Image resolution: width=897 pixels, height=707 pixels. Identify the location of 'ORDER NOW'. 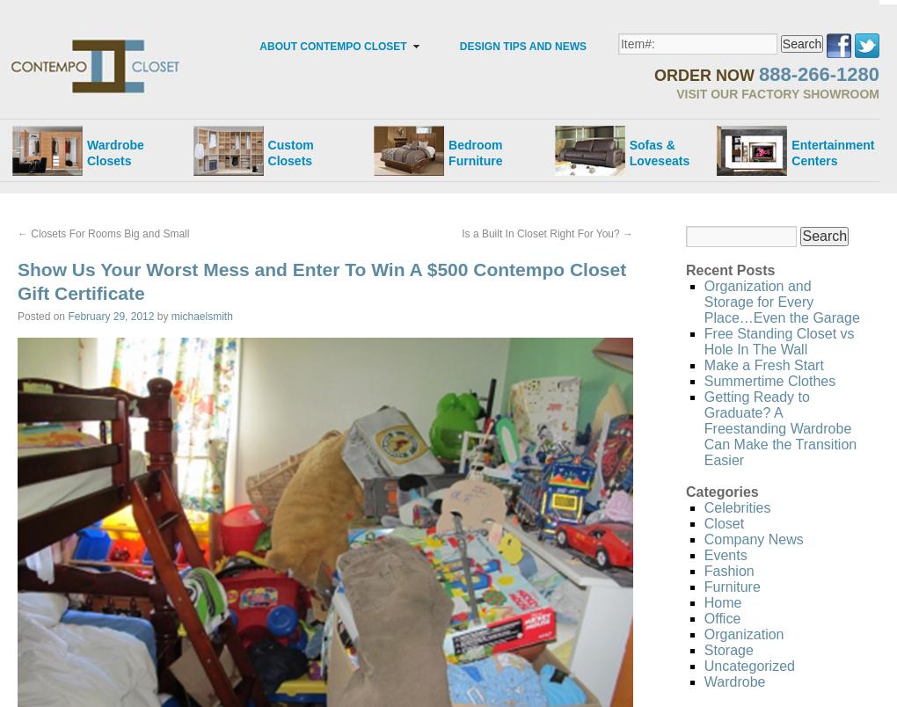
(704, 75).